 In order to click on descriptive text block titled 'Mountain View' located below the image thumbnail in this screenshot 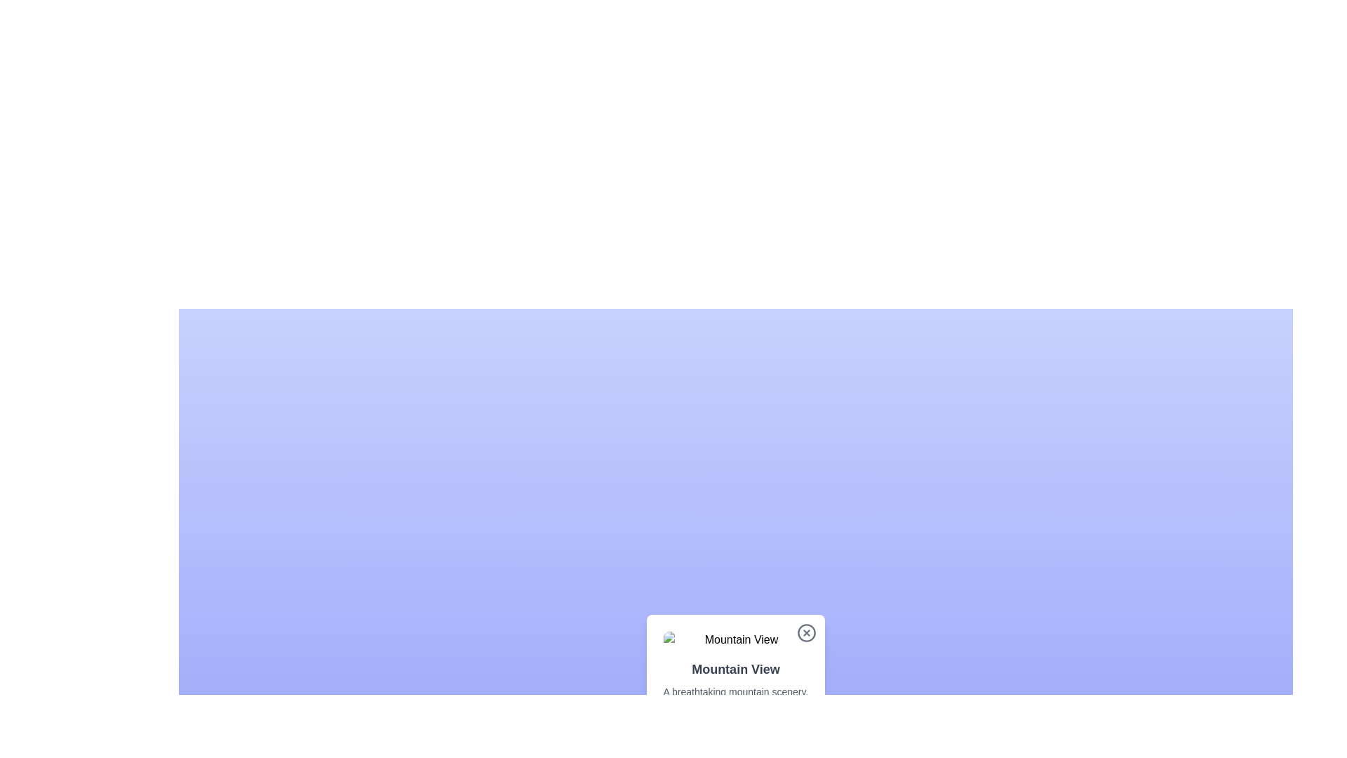, I will do `click(735, 679)`.